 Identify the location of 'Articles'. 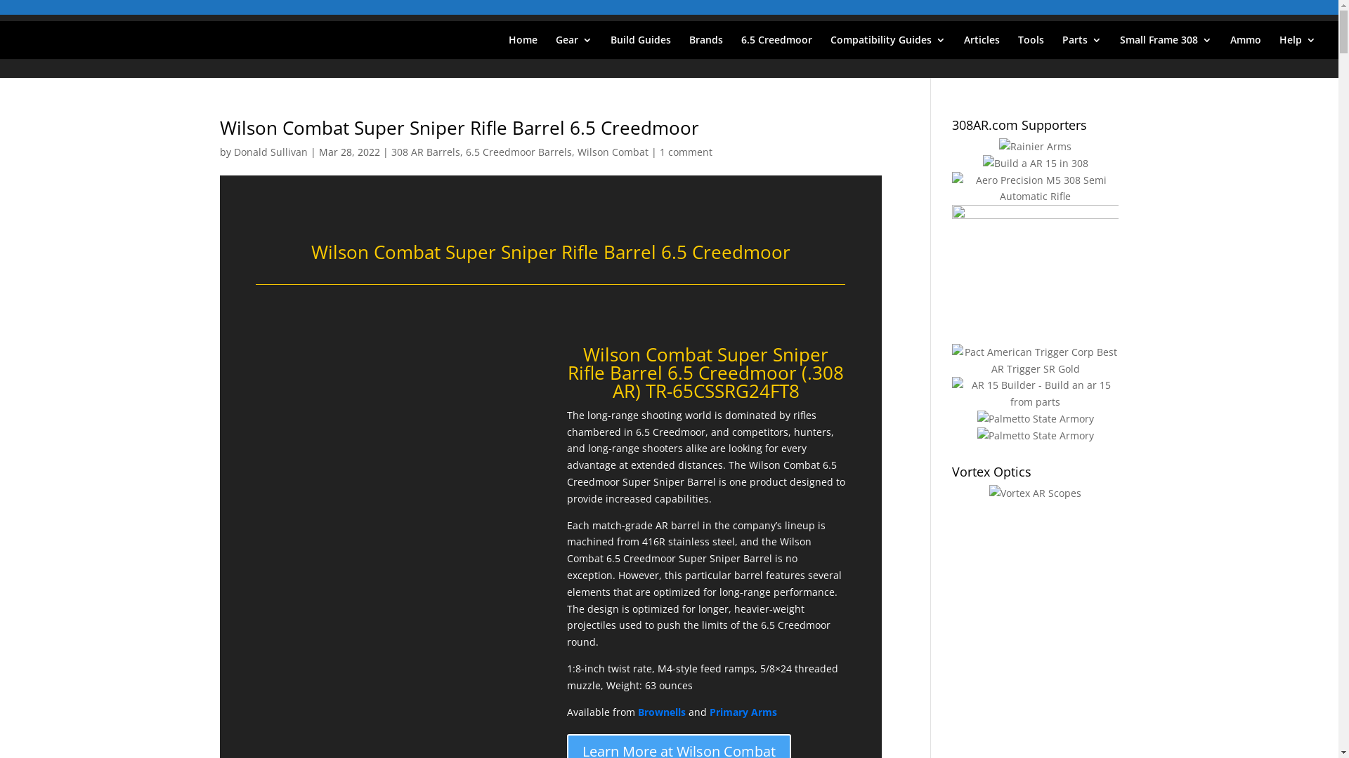
(981, 46).